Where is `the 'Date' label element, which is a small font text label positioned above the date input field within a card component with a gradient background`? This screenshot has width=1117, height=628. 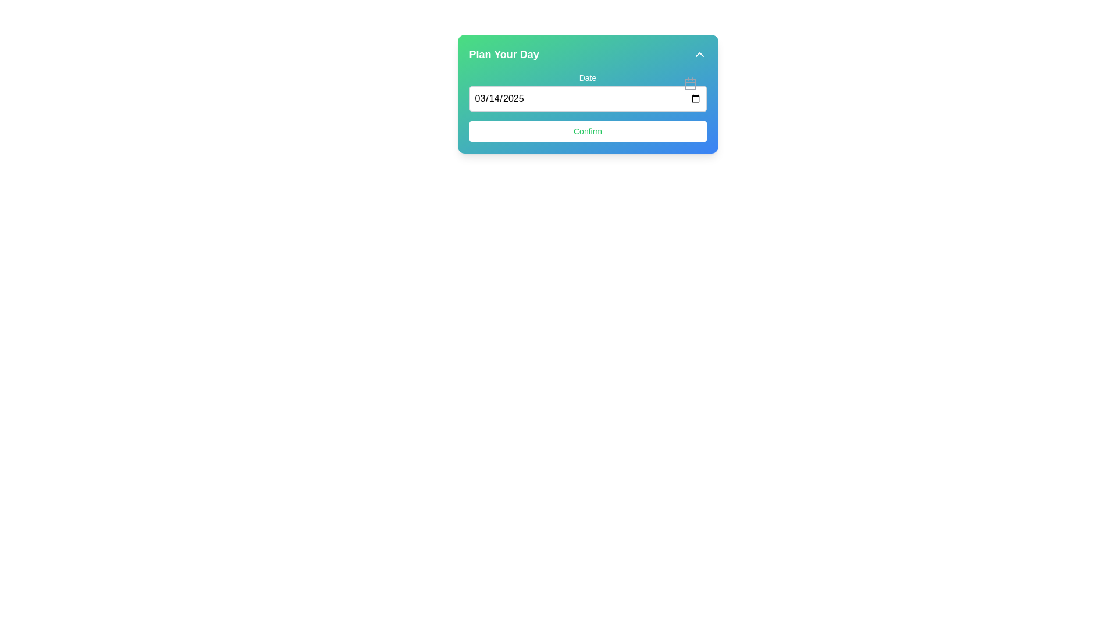
the 'Date' label element, which is a small font text label positioned above the date input field within a card component with a gradient background is located at coordinates (588, 78).